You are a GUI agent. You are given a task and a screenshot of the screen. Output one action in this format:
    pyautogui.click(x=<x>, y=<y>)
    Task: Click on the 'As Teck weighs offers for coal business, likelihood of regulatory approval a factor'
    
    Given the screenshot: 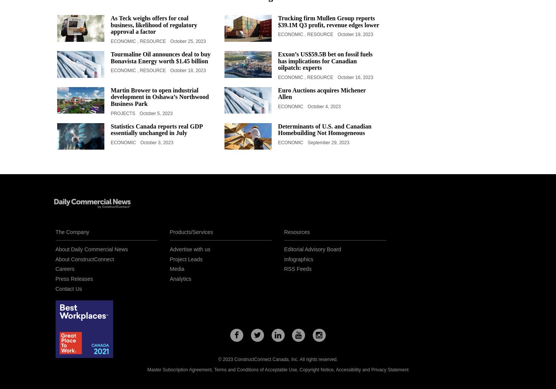 What is the action you would take?
    pyautogui.click(x=153, y=24)
    